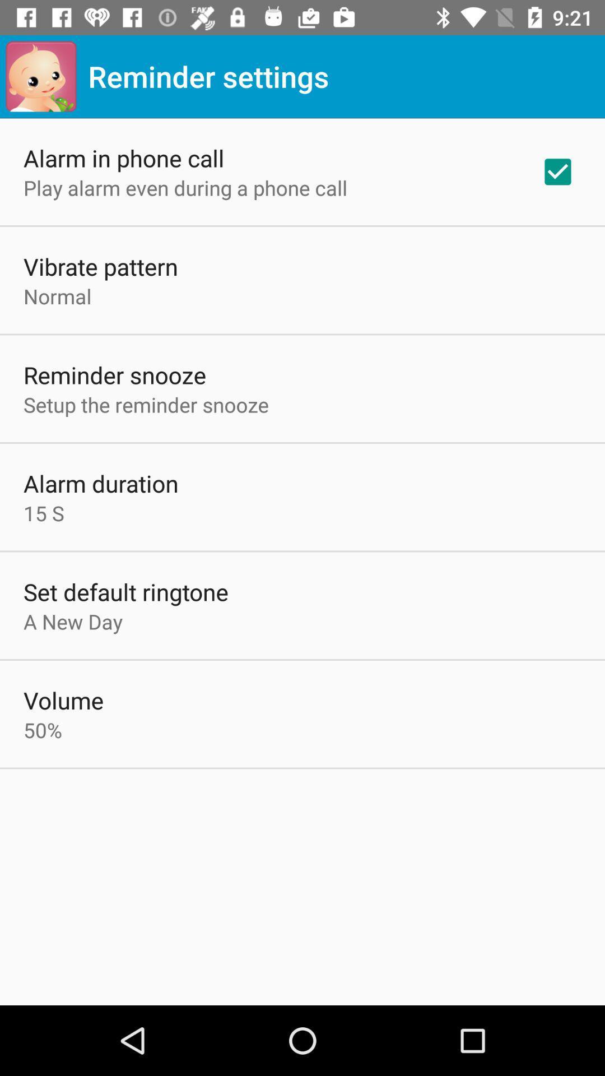 The height and width of the screenshot is (1076, 605). What do you see at coordinates (557, 171) in the screenshot?
I see `the item next to play alarm even` at bounding box center [557, 171].